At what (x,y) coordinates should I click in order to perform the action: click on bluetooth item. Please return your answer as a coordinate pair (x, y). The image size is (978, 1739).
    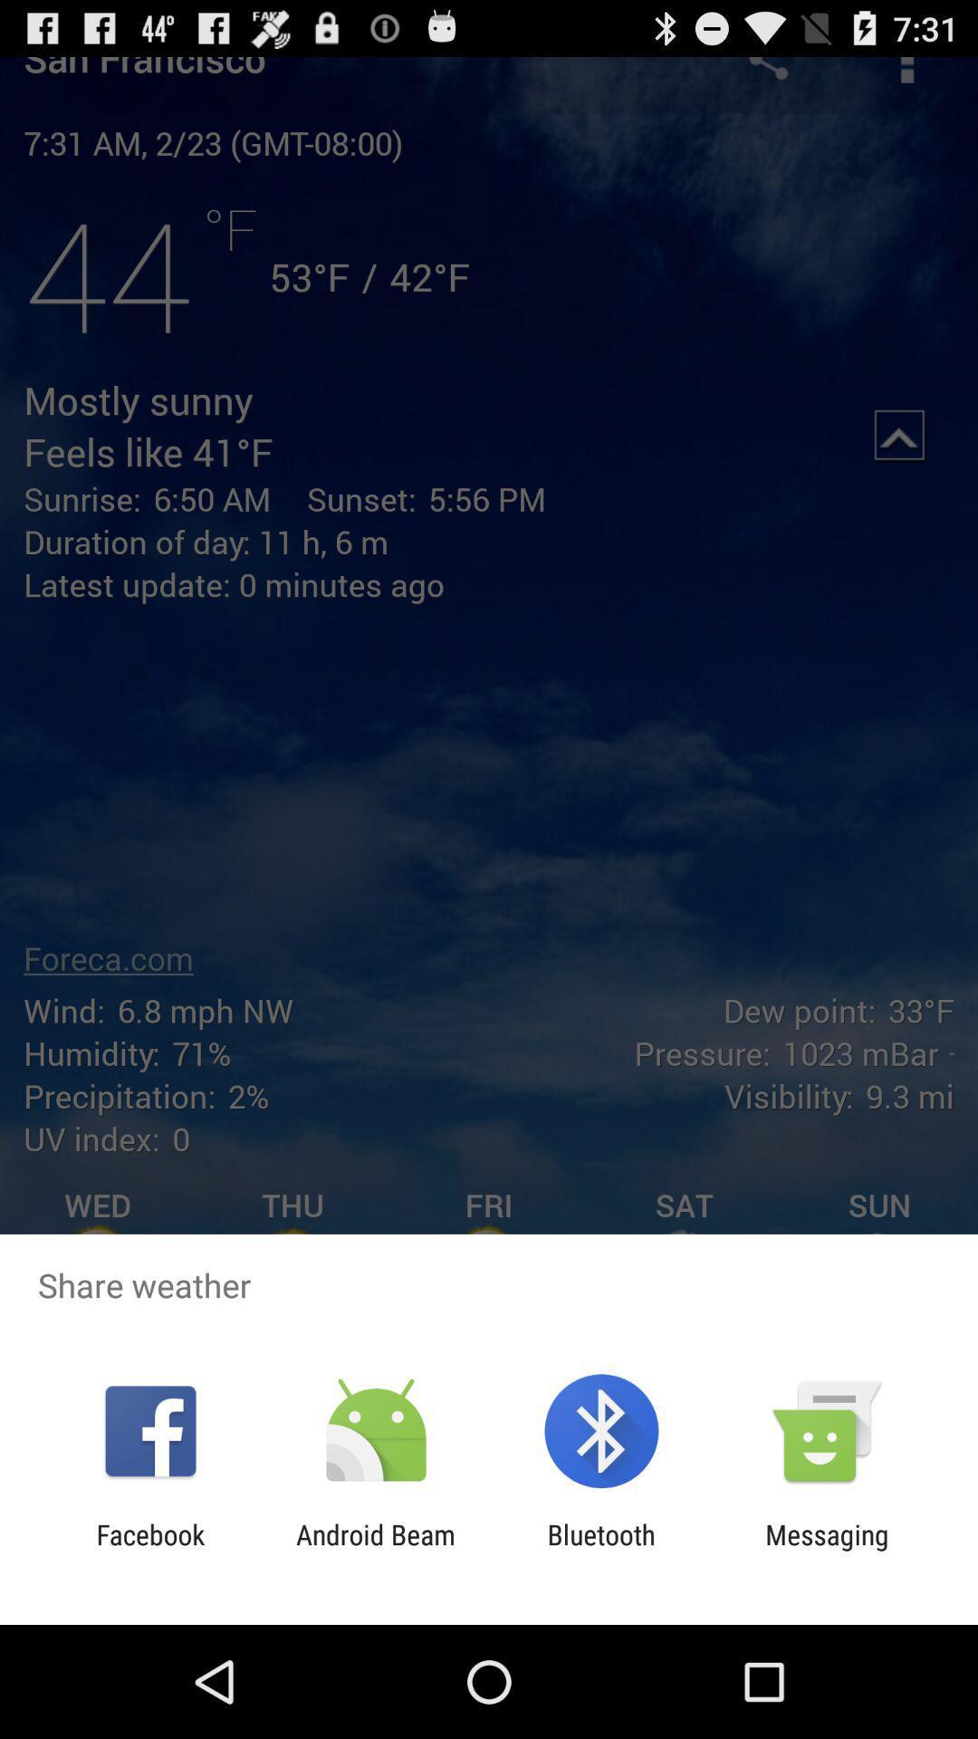
    Looking at the image, I should click on (601, 1550).